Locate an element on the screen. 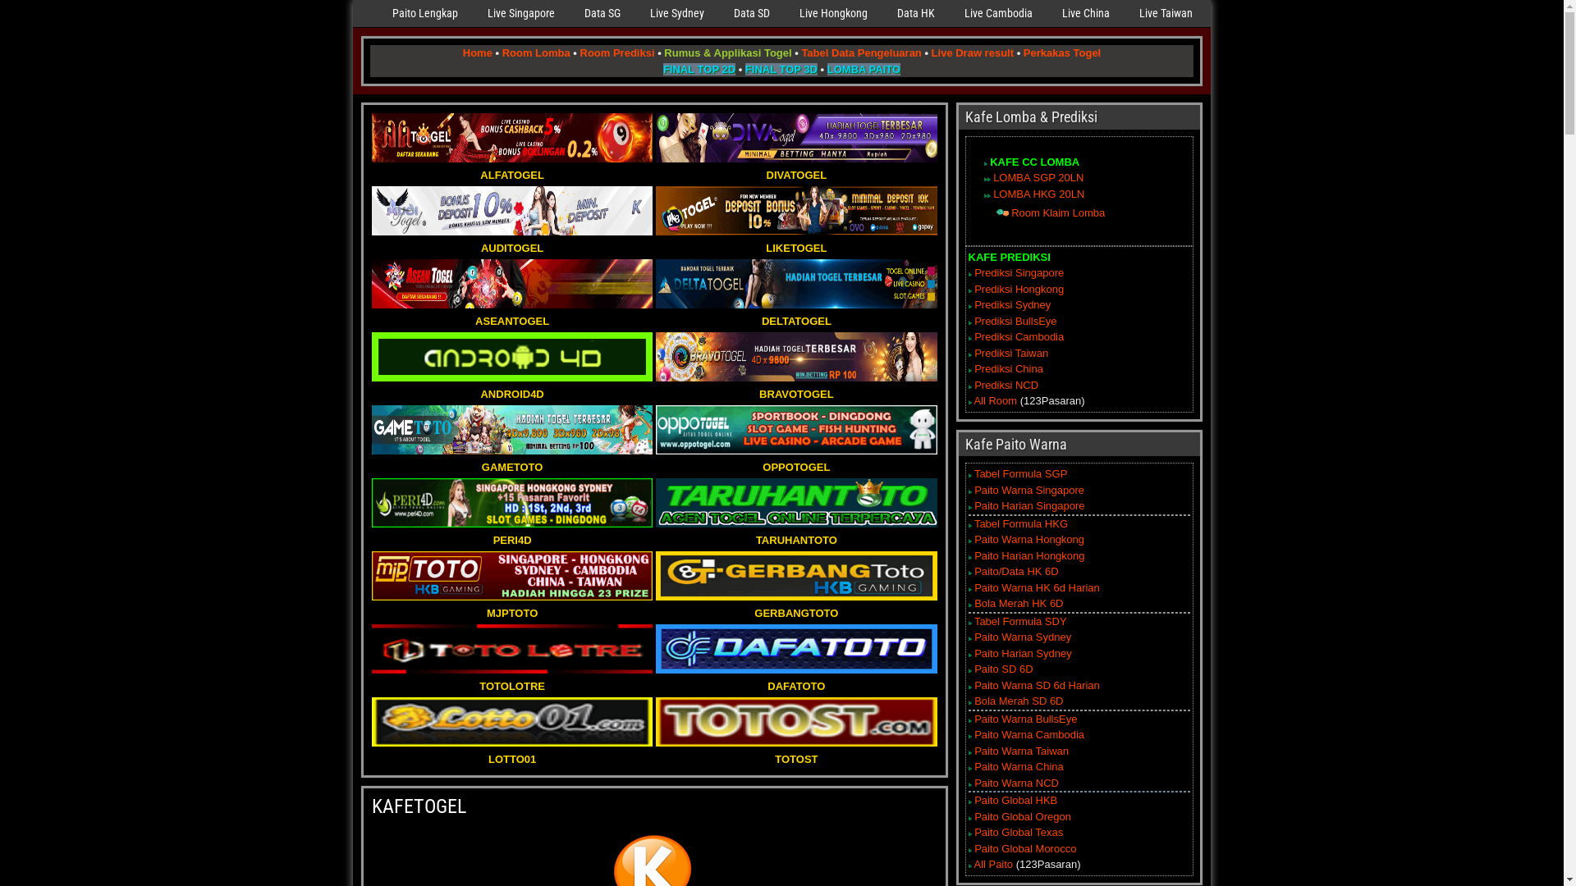 This screenshot has width=1576, height=886. 'panah' is located at coordinates (985, 179).